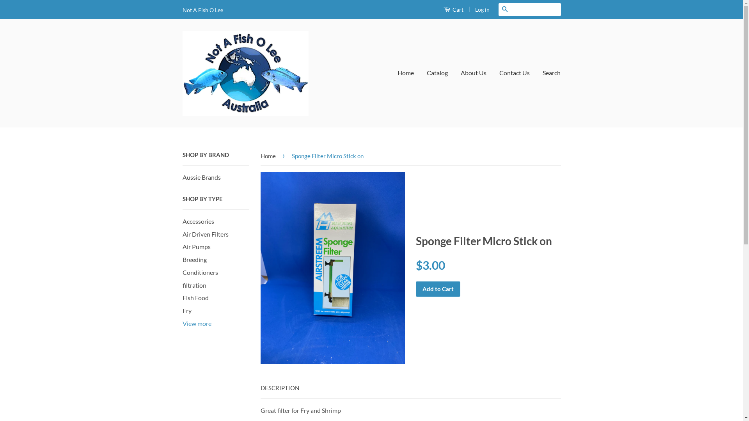  What do you see at coordinates (473, 73) in the screenshot?
I see `'About Us'` at bounding box center [473, 73].